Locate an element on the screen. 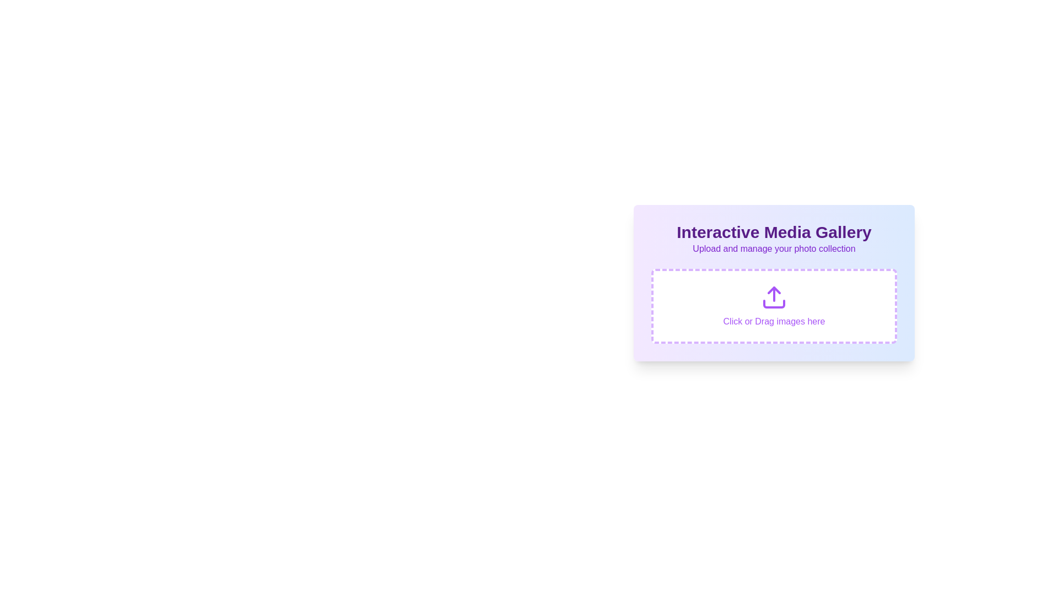  instruction text label located below the purple upload icon in the dashed rectangular area of the 'Interactive Media Gallery' card is located at coordinates (774, 321).